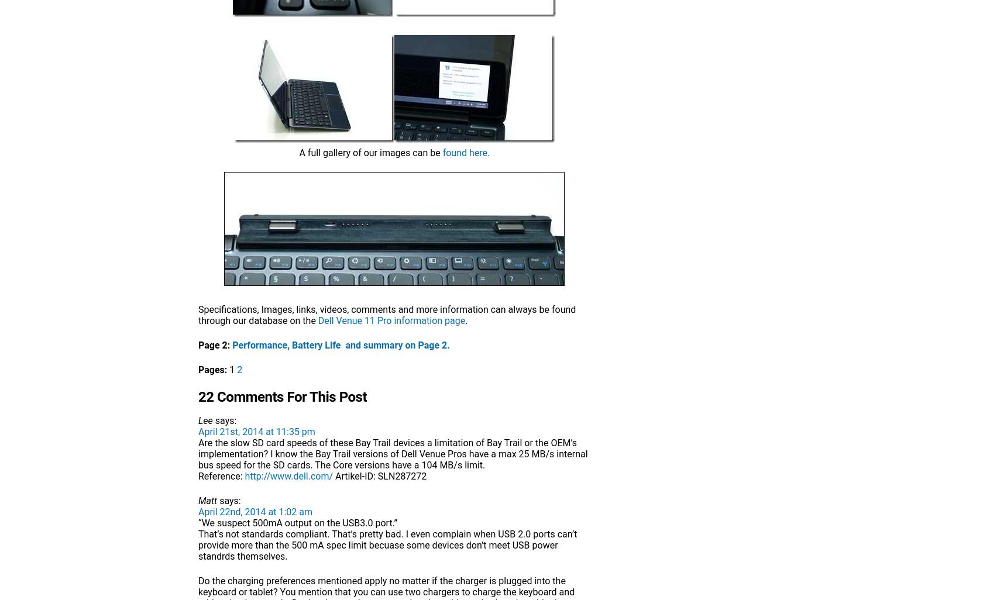 The width and height of the screenshot is (990, 600). Describe the element at coordinates (340, 344) in the screenshot. I see `'Performance, Battery Life  and summary on Page 2.'` at that location.